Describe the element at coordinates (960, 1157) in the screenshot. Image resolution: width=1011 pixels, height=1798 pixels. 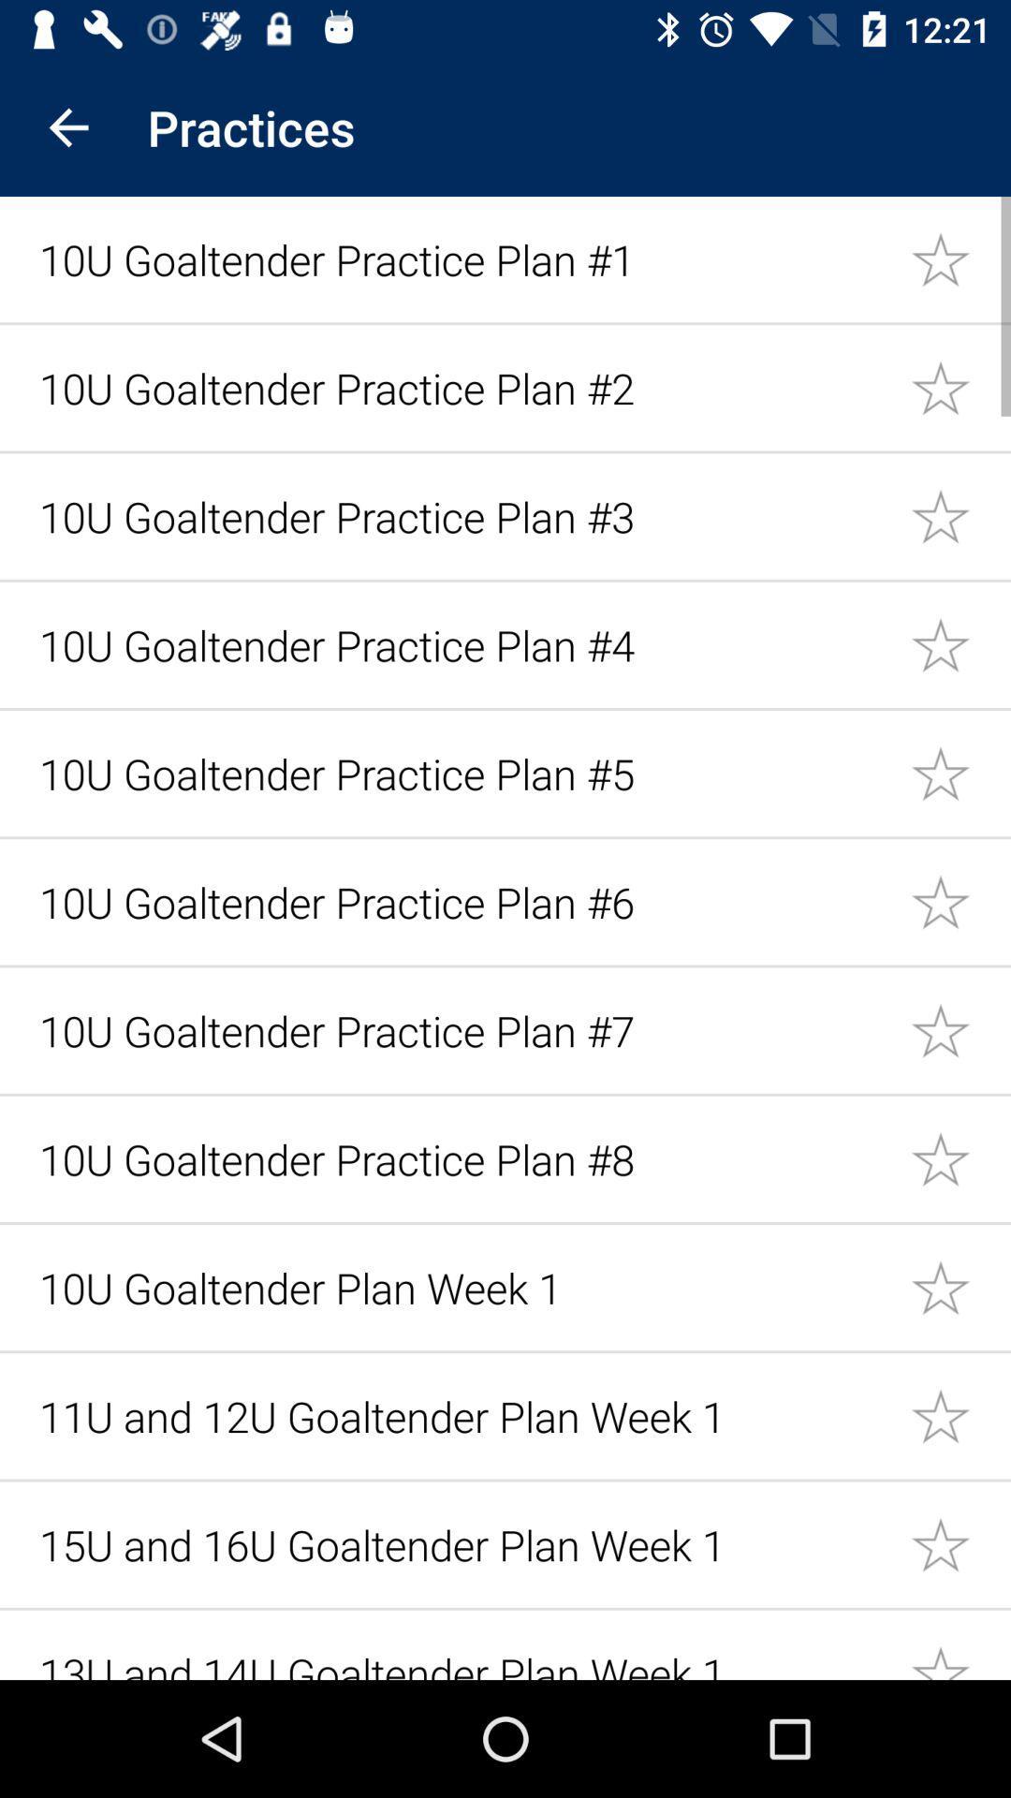
I see `to favorites` at that location.